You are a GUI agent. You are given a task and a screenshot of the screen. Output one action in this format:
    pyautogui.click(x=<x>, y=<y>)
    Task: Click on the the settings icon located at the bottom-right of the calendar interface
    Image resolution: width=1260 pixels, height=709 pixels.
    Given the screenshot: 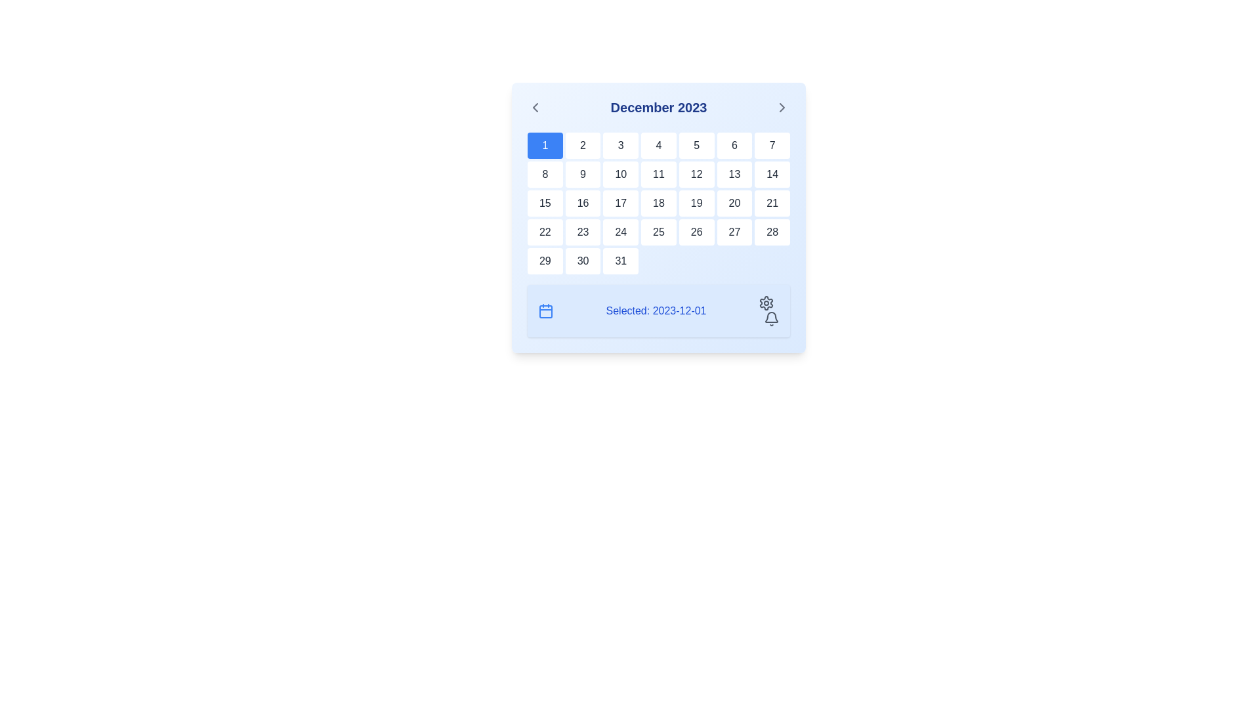 What is the action you would take?
    pyautogui.click(x=766, y=303)
    